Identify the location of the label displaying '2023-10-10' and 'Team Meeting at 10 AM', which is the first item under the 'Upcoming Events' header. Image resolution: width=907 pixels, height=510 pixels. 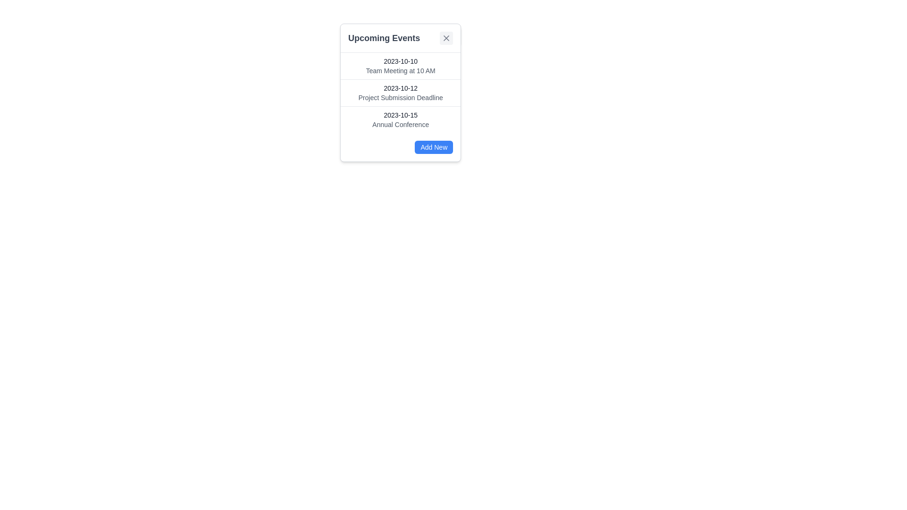
(401, 65).